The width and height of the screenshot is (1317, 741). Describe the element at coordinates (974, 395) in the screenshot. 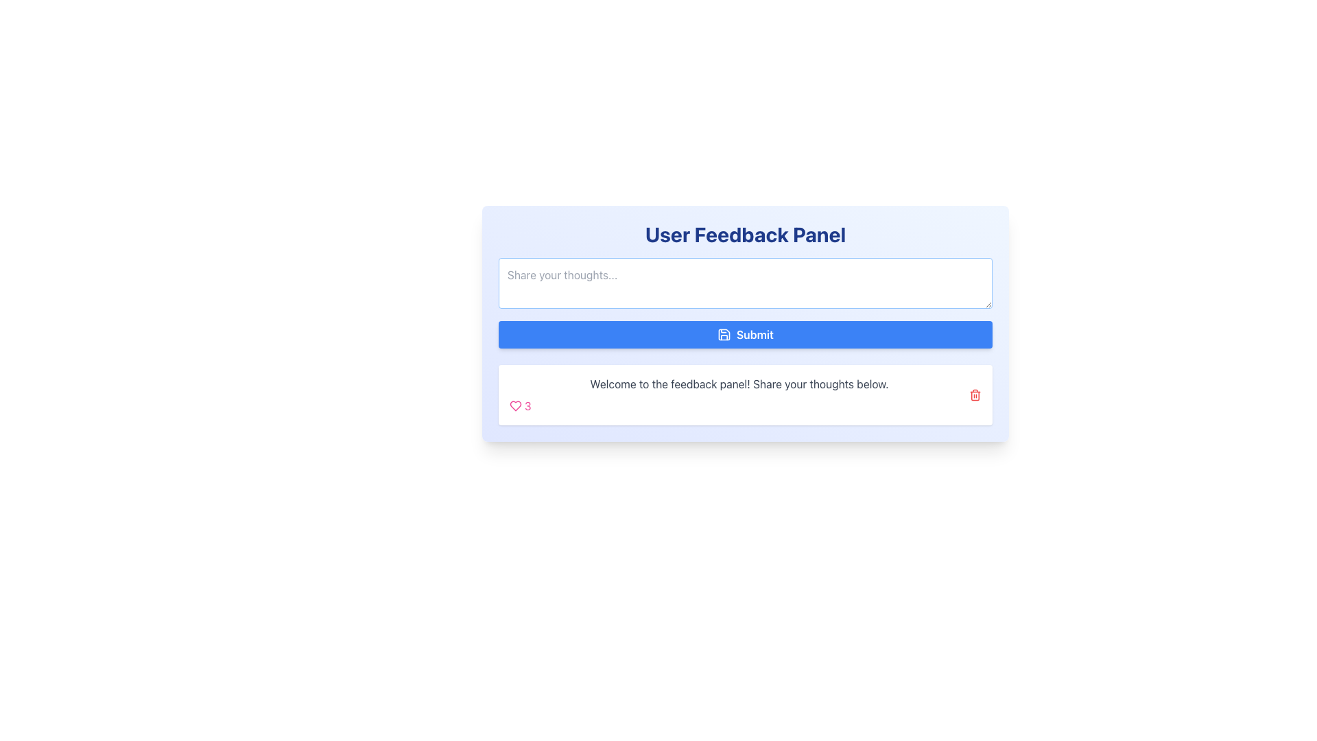

I see `the delete button located to the far right of the text 'Welcome to the feedback panel! Share your thoughts below.'` at that location.